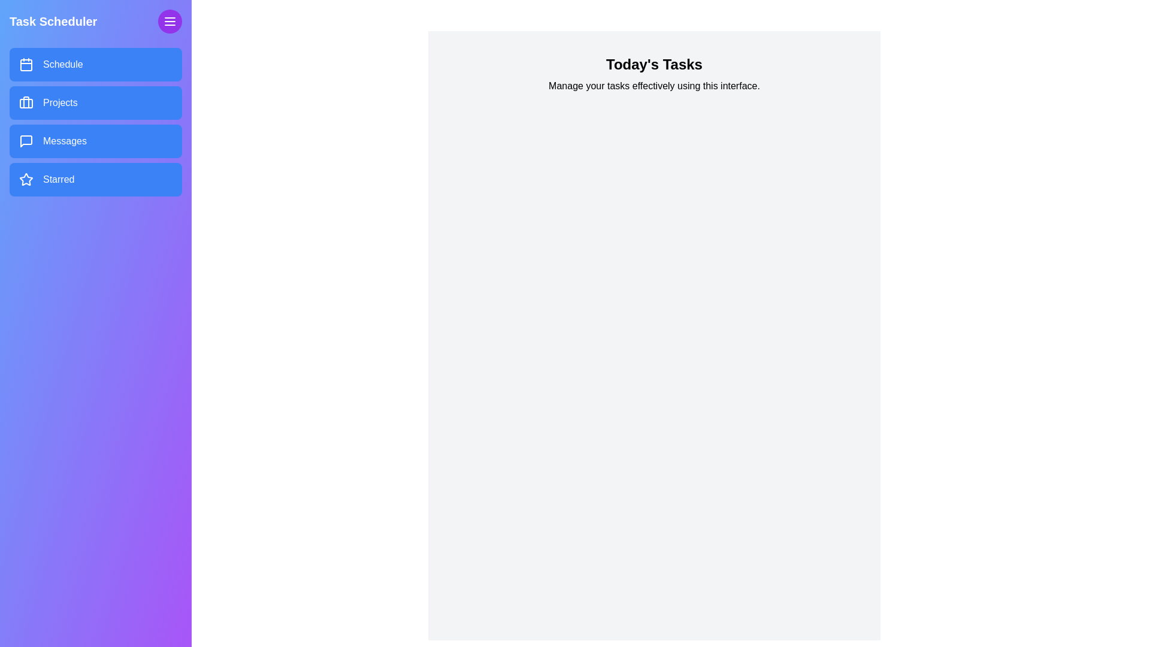 The width and height of the screenshot is (1150, 647). I want to click on the menu item labeled Projects, so click(95, 102).